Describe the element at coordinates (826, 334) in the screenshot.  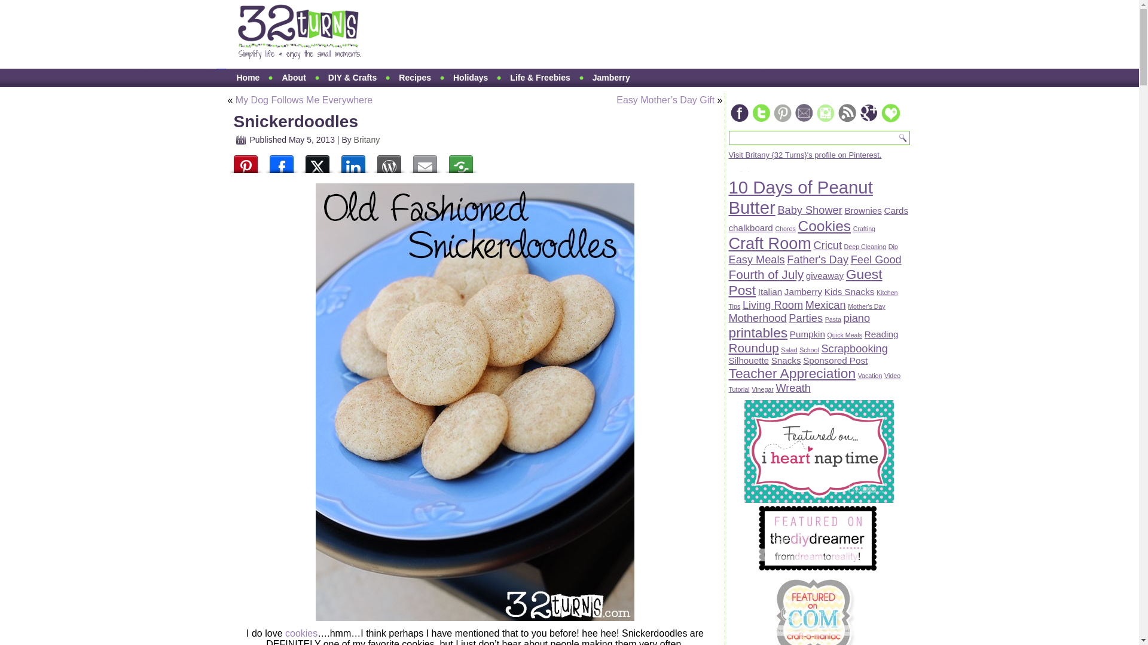
I see `'Quick Meals'` at that location.